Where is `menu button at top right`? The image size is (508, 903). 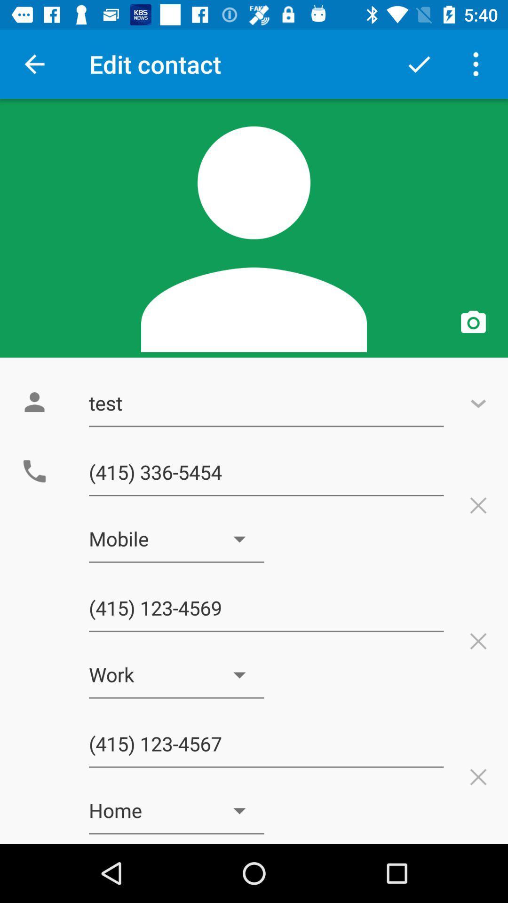 menu button at top right is located at coordinates (478, 64).